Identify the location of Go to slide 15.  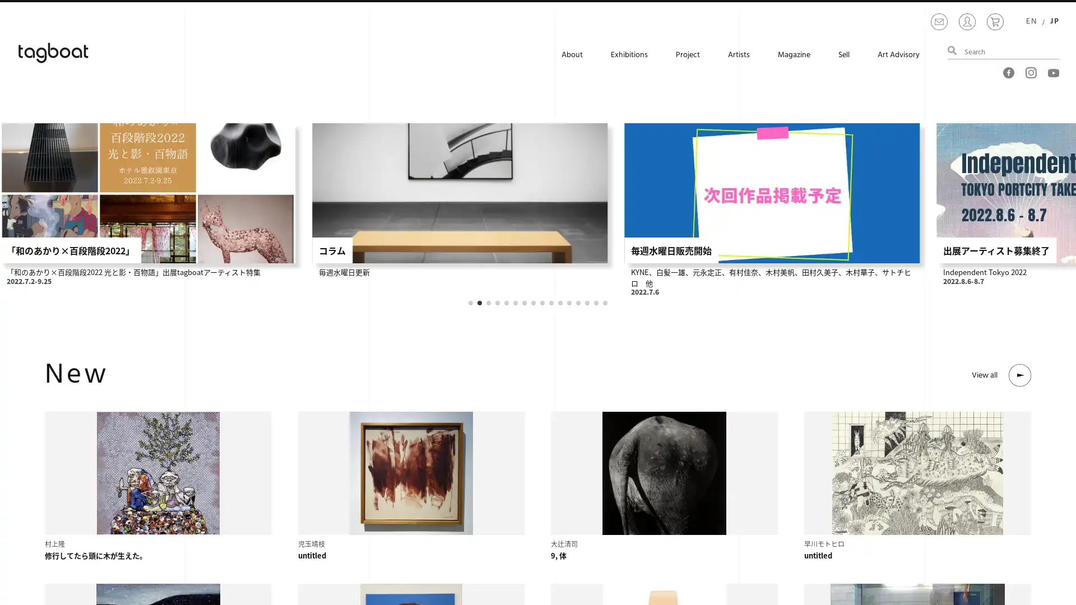
(596, 302).